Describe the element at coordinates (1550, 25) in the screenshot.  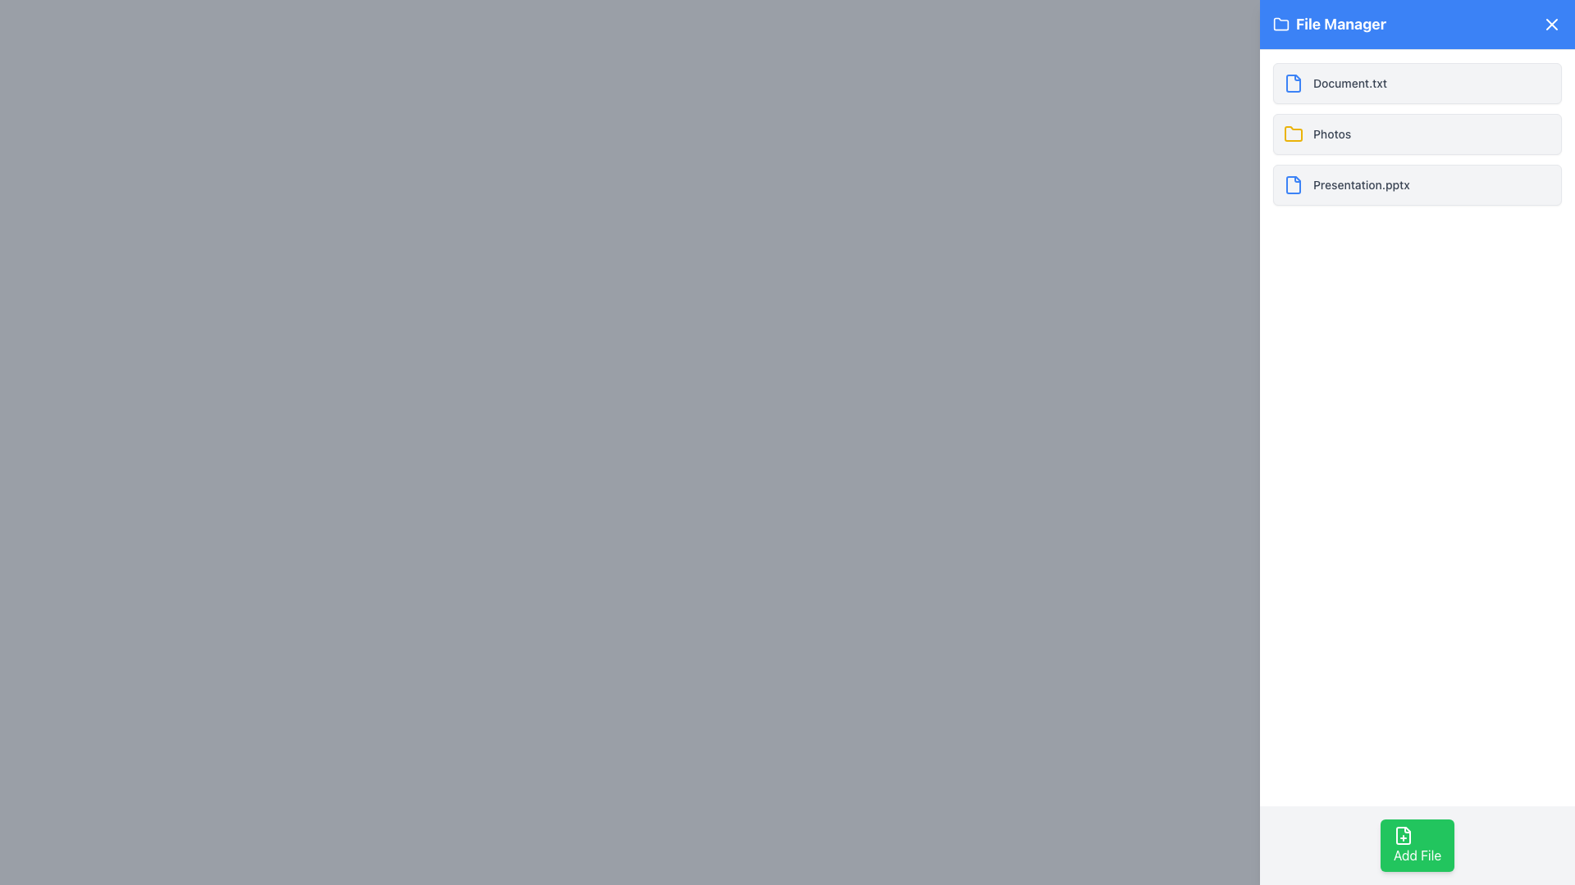
I see `the compact square-shaped button with a white 'X' symbol located in the top-right corner of the blue header bar labeled 'File Manager'` at that location.